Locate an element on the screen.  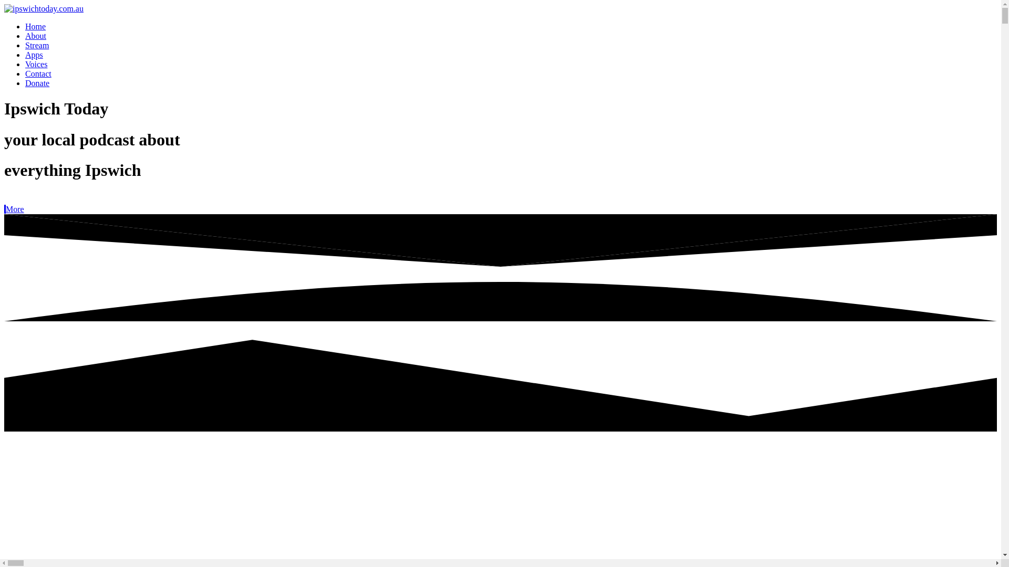
'Voices' is located at coordinates (36, 64).